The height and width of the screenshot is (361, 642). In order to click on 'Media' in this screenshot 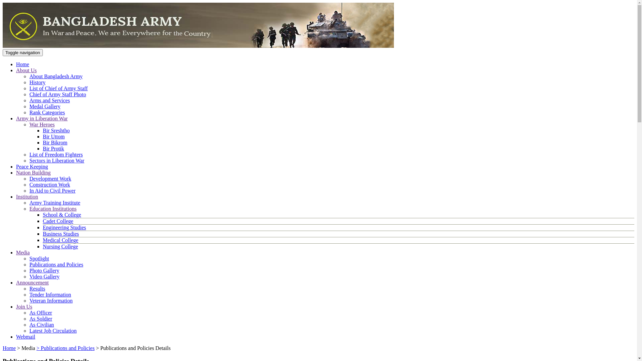, I will do `click(16, 252)`.